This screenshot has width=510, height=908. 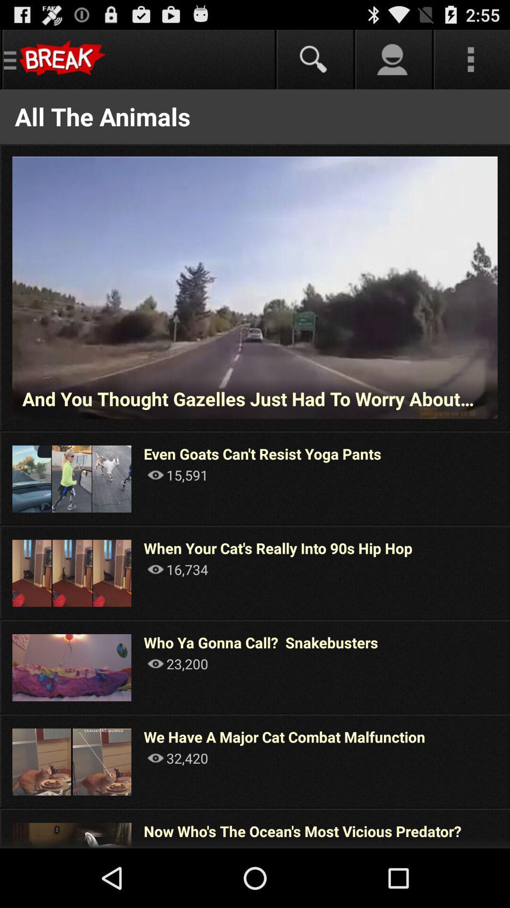 I want to click on the 16,734, so click(x=178, y=569).